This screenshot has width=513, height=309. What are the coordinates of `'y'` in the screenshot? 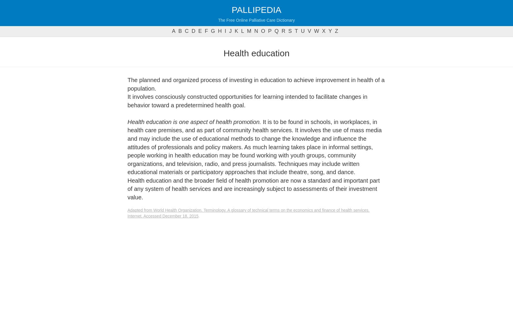 It's located at (330, 31).